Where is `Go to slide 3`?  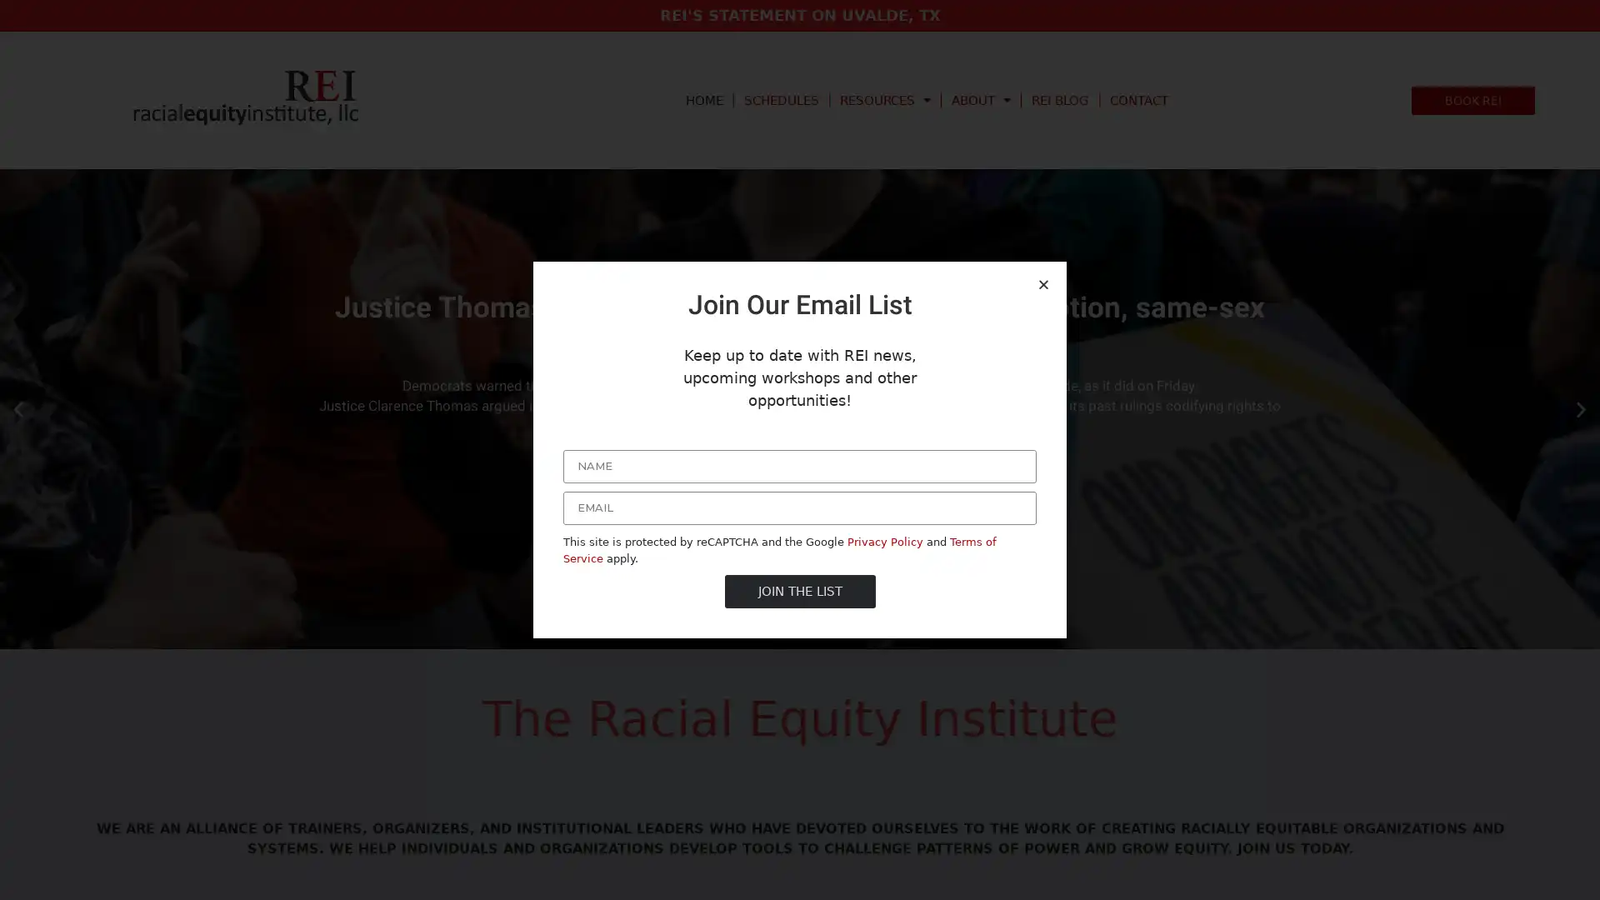
Go to slide 3 is located at coordinates (815, 636).